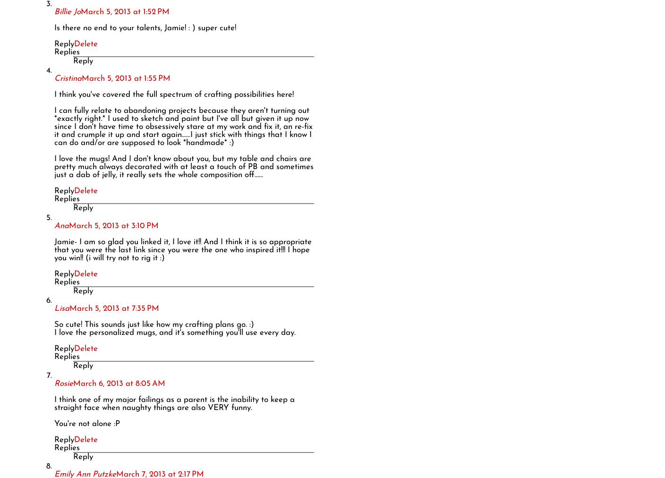  Describe the element at coordinates (114, 308) in the screenshot. I see `'March 5, 2013 at 7:35 PM'` at that location.